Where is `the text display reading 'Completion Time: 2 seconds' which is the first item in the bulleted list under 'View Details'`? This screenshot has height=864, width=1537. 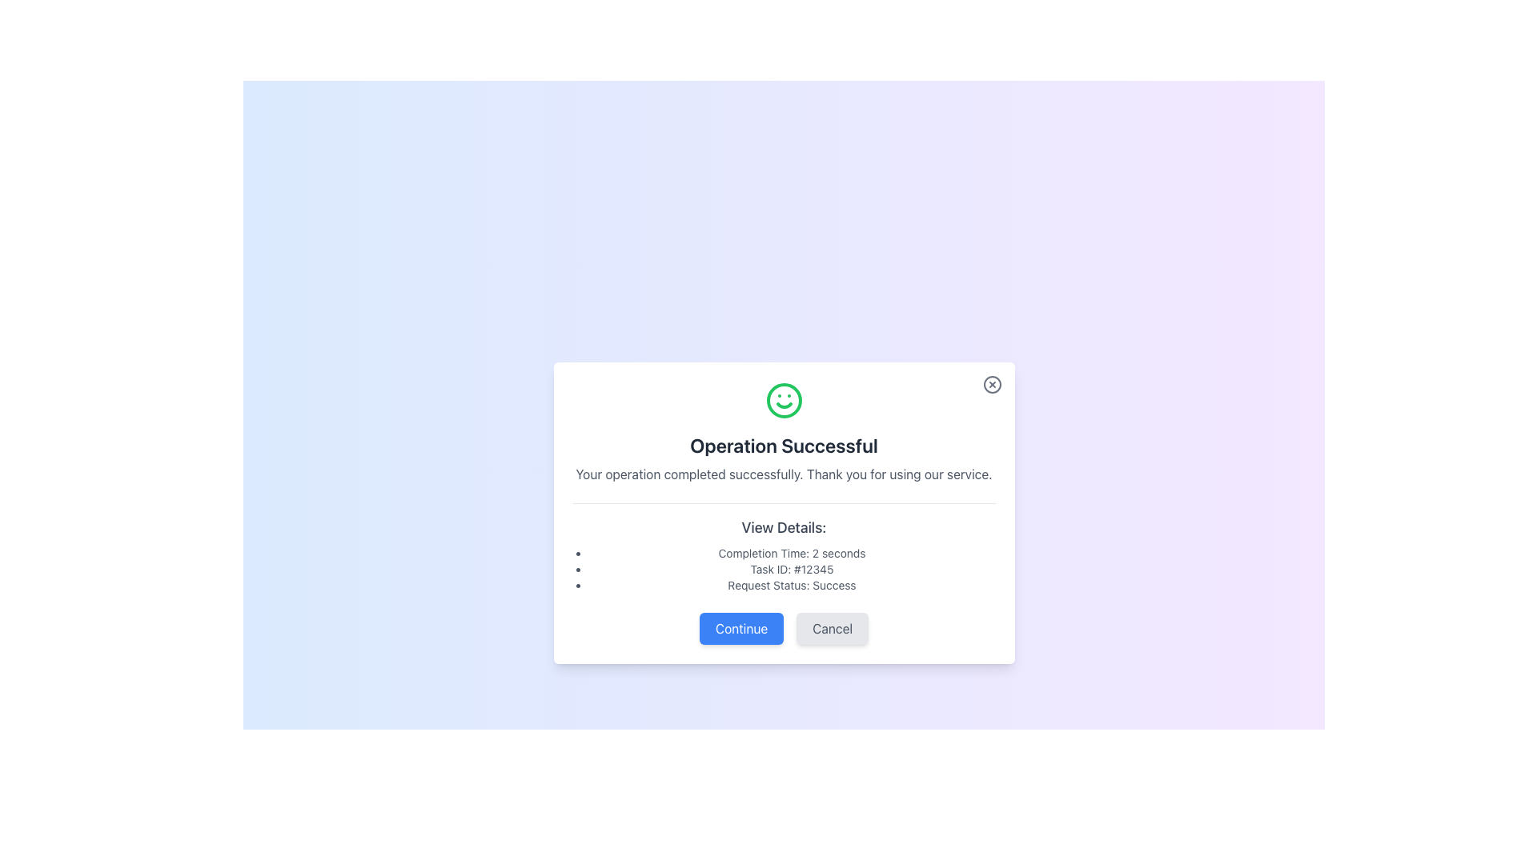
the text display reading 'Completion Time: 2 seconds' which is the first item in the bulleted list under 'View Details' is located at coordinates (792, 552).